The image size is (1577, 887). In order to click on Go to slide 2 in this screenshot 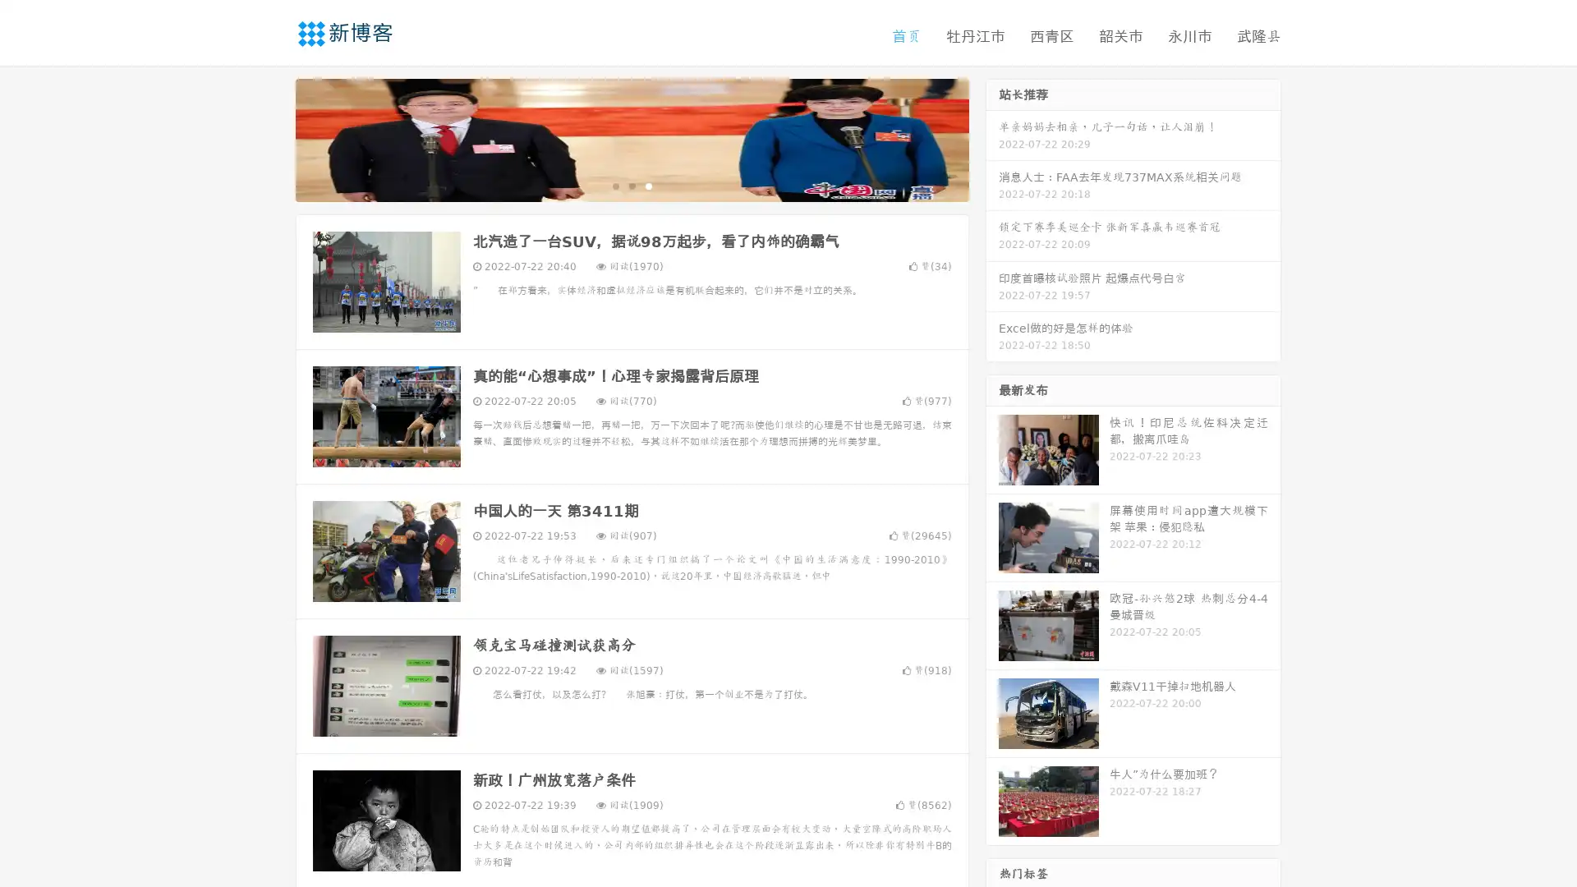, I will do `click(631, 185)`.